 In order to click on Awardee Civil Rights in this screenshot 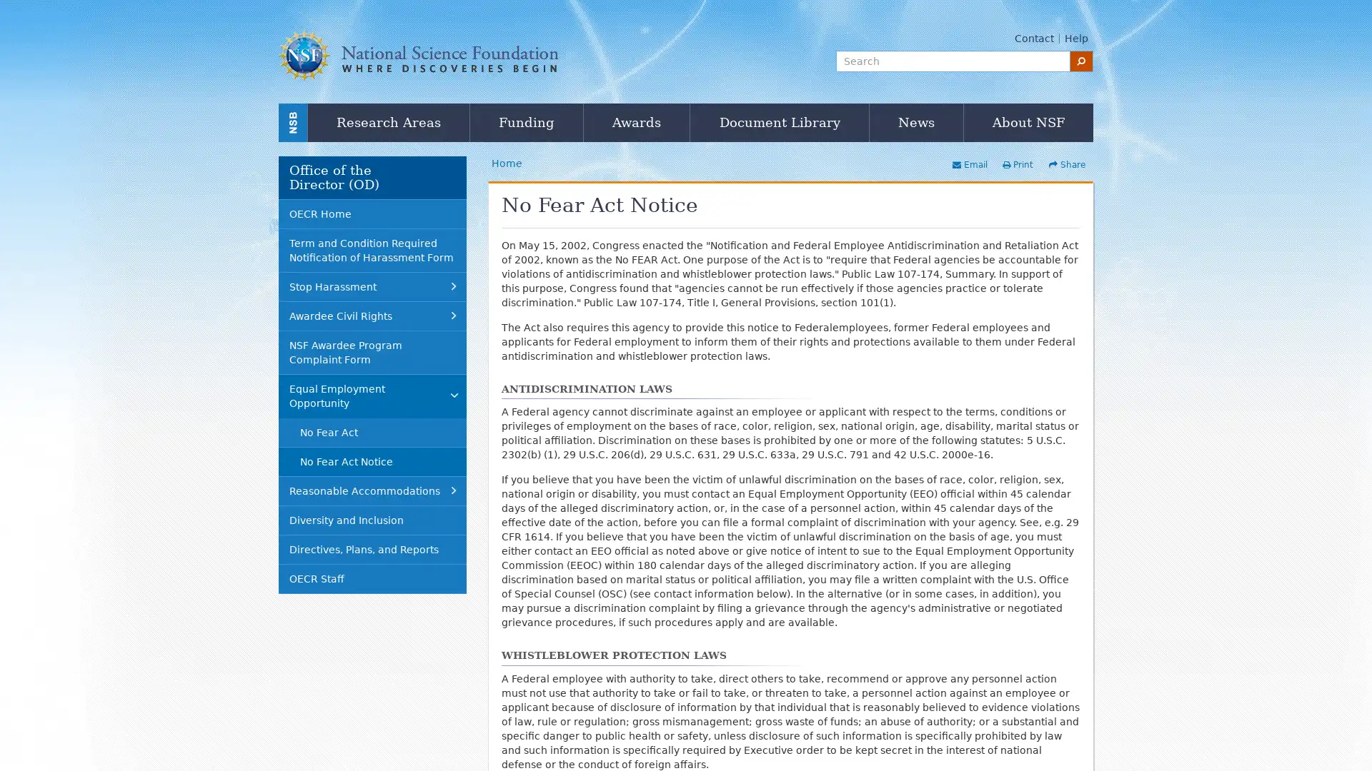, I will do `click(372, 315)`.